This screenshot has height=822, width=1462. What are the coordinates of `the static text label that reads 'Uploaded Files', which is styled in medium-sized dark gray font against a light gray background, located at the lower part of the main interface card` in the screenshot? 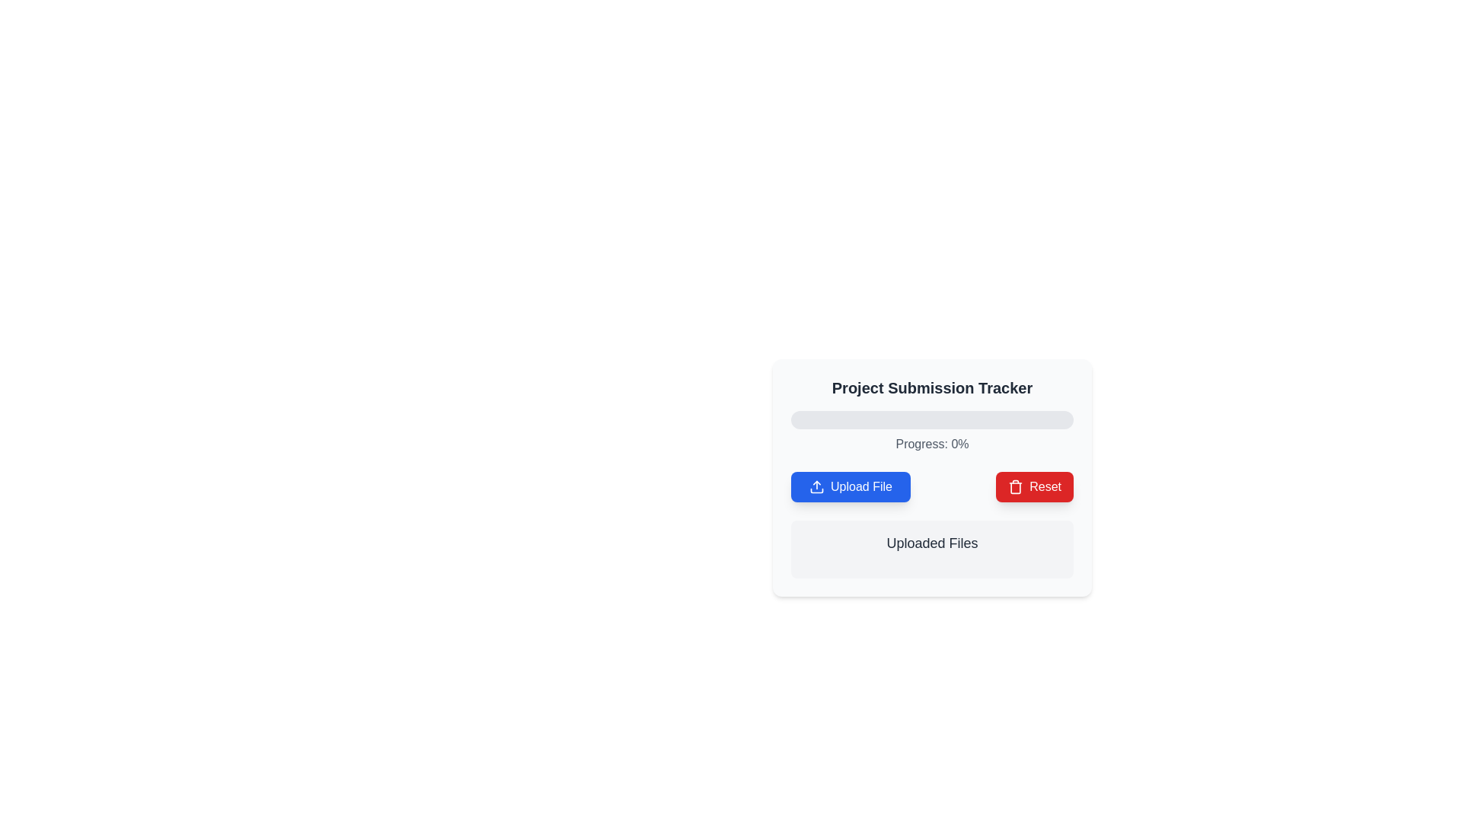 It's located at (931, 542).